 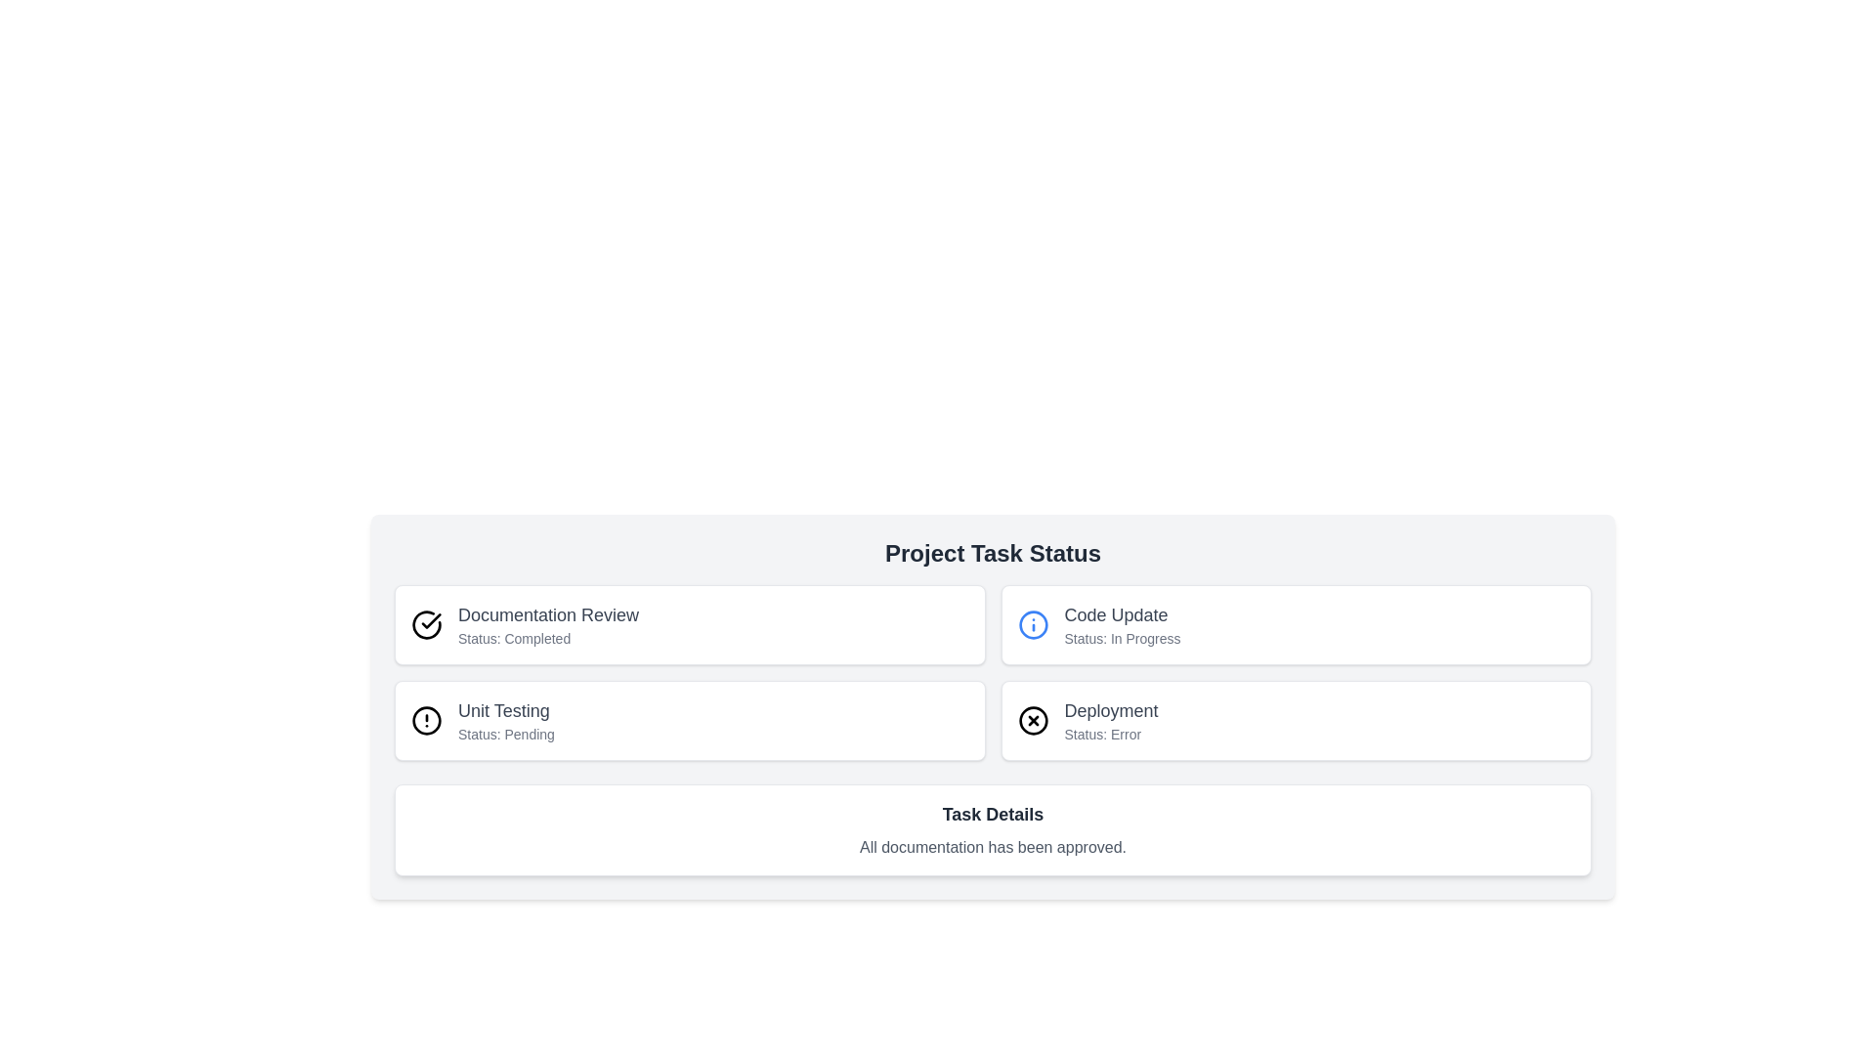 I want to click on text content of the 'Unit Testing' title label located in the second task entry of the 'Project Task Status' table, positioned above the 'Status: Pending' label, so click(x=506, y=711).